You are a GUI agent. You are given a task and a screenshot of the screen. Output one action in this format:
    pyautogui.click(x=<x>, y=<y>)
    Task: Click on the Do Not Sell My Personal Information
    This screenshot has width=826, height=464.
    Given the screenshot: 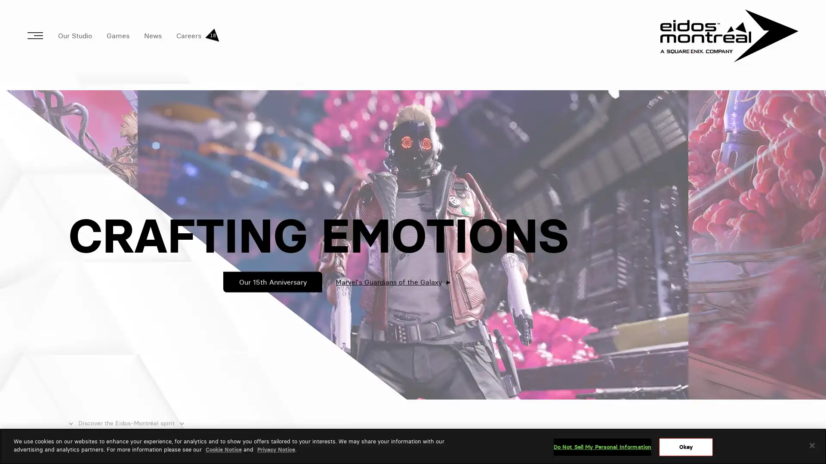 What is the action you would take?
    pyautogui.click(x=602, y=446)
    